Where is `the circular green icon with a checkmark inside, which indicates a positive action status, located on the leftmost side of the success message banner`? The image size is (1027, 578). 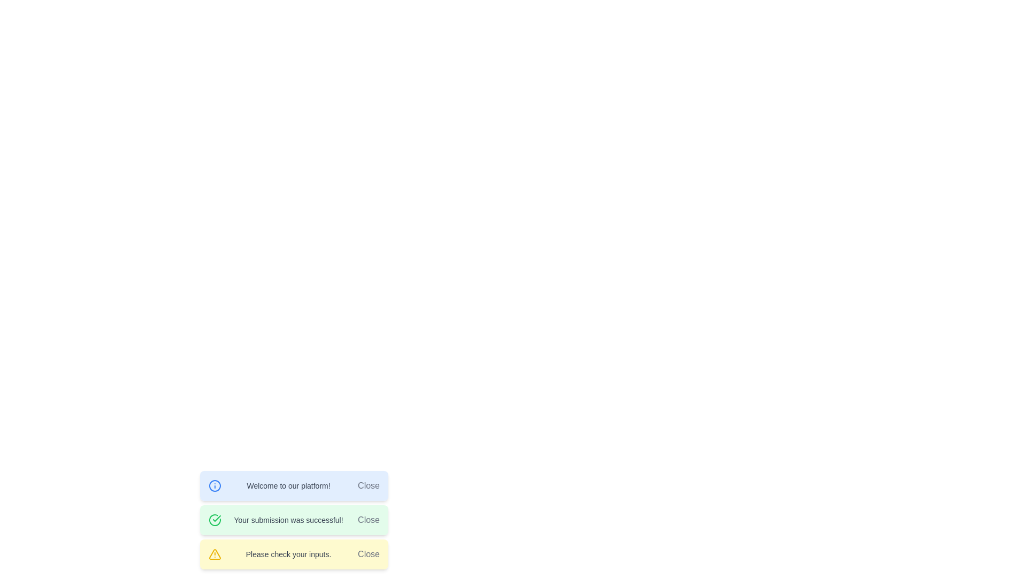 the circular green icon with a checkmark inside, which indicates a positive action status, located on the leftmost side of the success message banner is located at coordinates (214, 520).